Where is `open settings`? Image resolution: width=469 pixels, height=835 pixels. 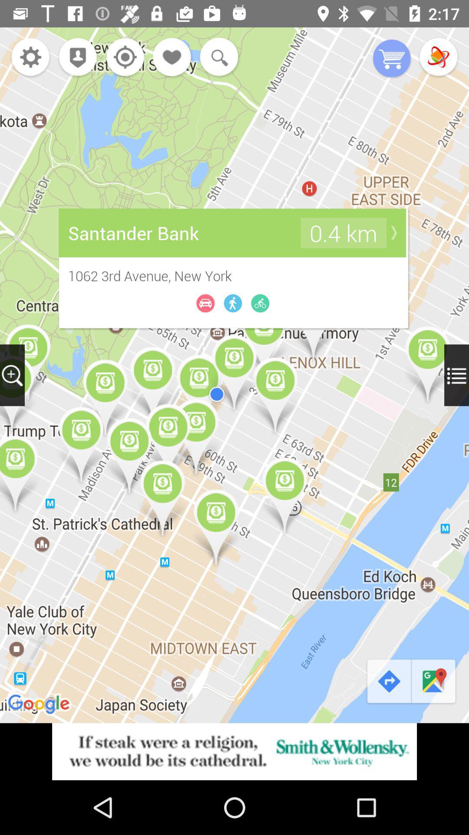
open settings is located at coordinates (30, 57).